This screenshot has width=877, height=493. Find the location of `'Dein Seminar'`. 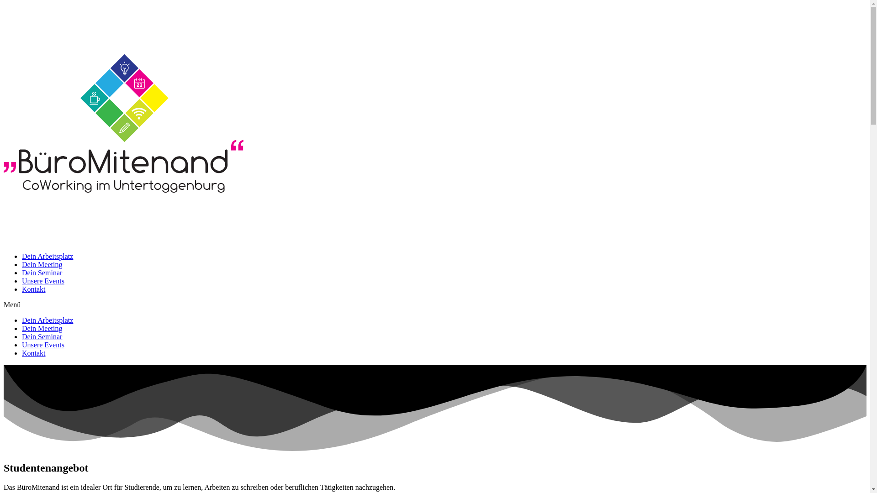

'Dein Seminar' is located at coordinates (41, 272).